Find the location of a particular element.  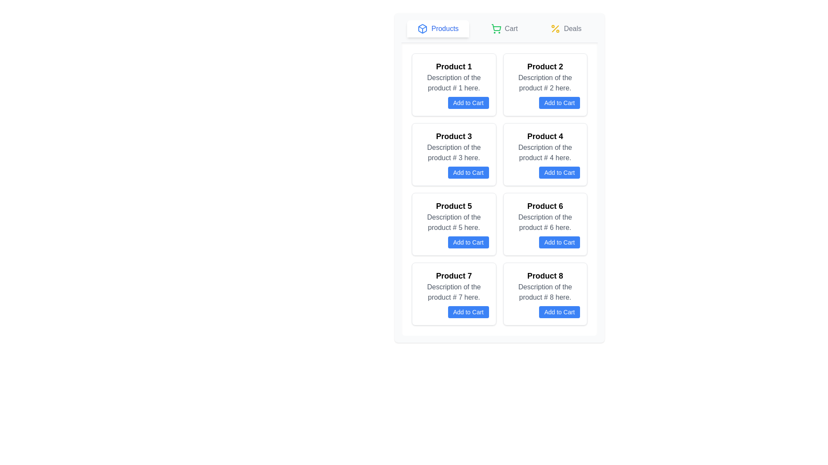

the button located within the 'Product 6' card in the second column and third row of the grid is located at coordinates (559, 242).